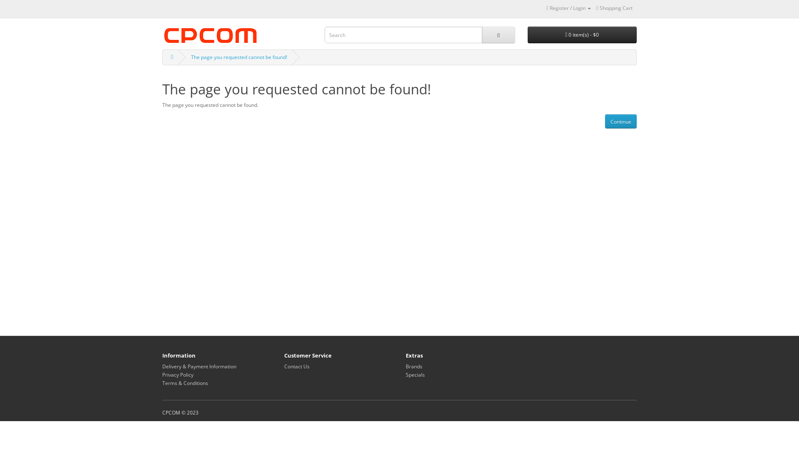 This screenshot has height=449, width=799. I want to click on 'Delivery & Payment Information', so click(199, 366).